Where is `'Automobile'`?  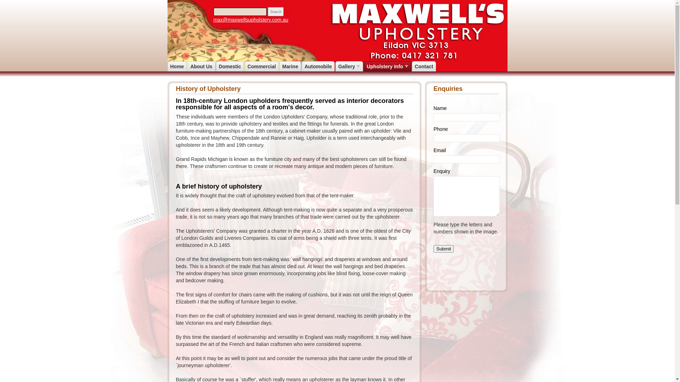 'Automobile' is located at coordinates (318, 66).